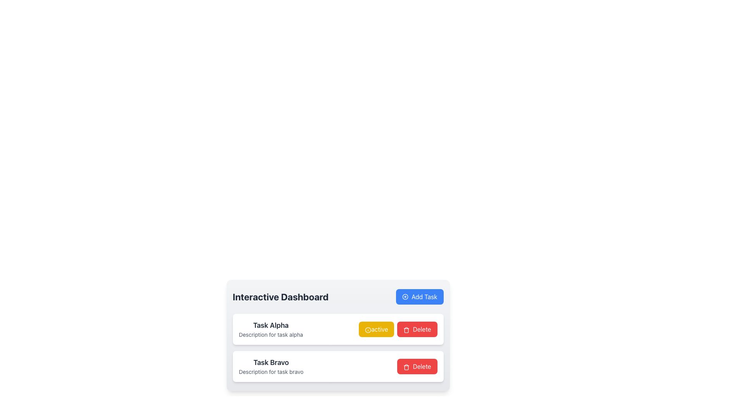 This screenshot has height=418, width=744. What do you see at coordinates (271, 371) in the screenshot?
I see `the supplementary descriptive text label located at the bottom-left of the 'Task Bravo' section in the 'Interactive Dashboard'` at bounding box center [271, 371].